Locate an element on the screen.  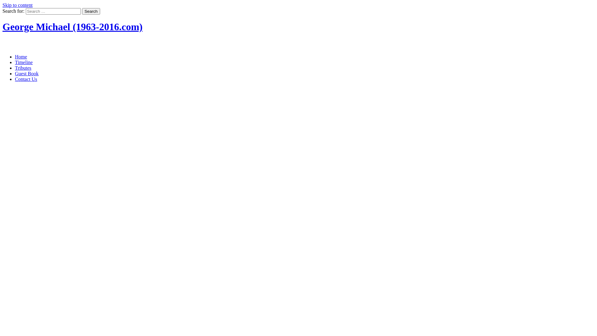
'George Michael (1963-2016.com)' is located at coordinates (72, 26).